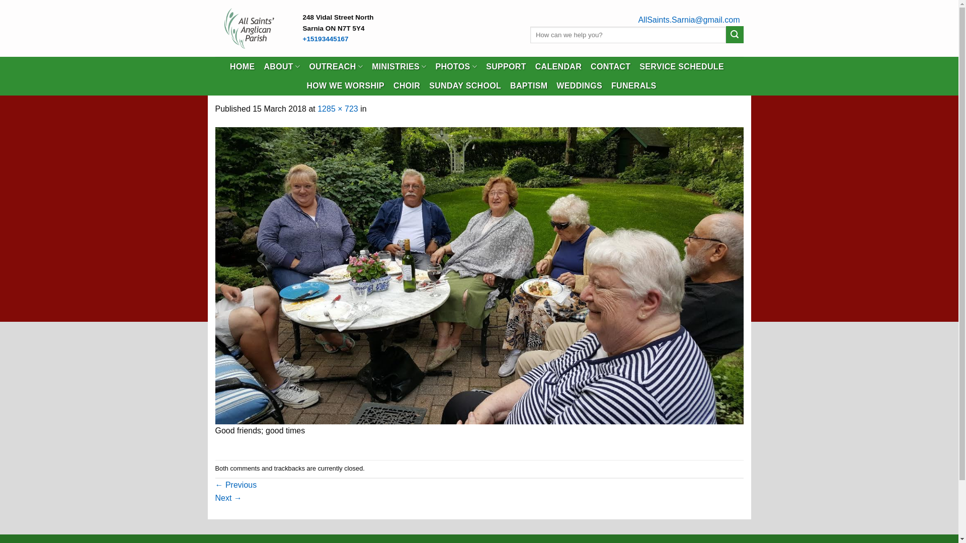  What do you see at coordinates (633, 85) in the screenshot?
I see `'FUNERALS'` at bounding box center [633, 85].